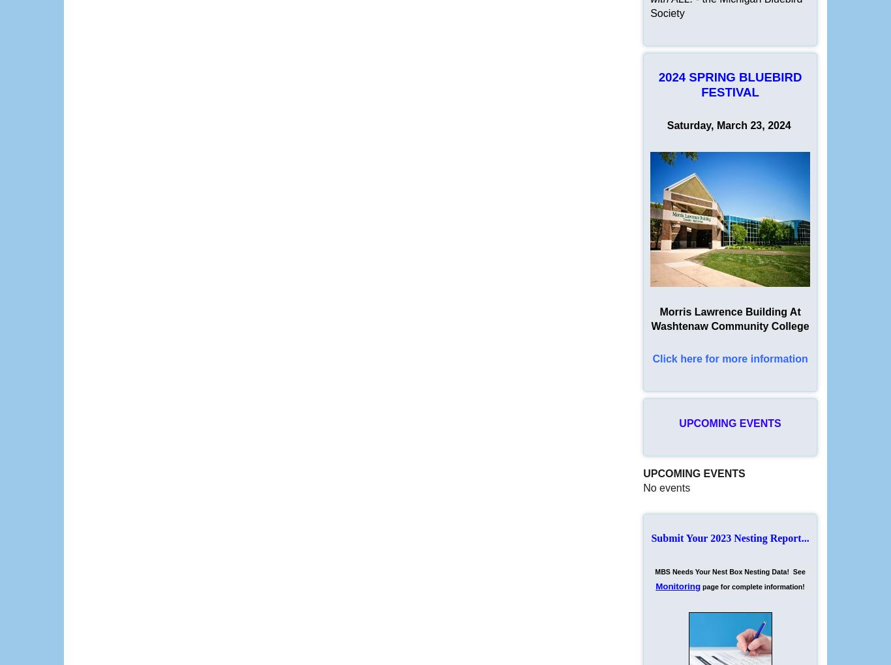 This screenshot has width=891, height=665. Describe the element at coordinates (729, 570) in the screenshot. I see `'MBS Needs Your Nest Box Nesting Data!  See'` at that location.